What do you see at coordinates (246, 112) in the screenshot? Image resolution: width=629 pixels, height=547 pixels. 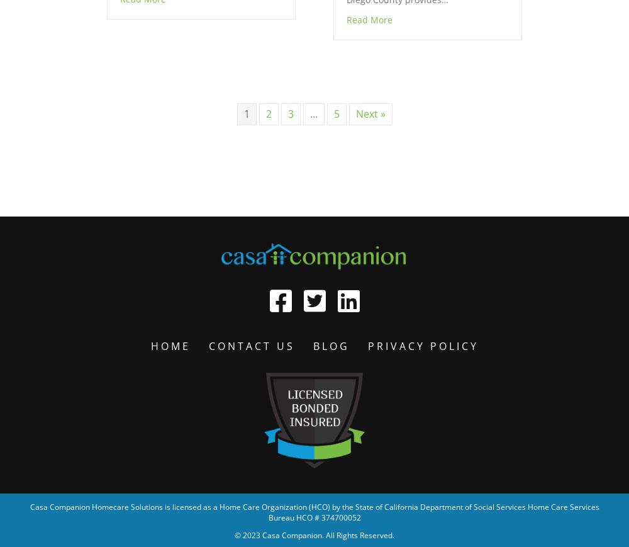 I see `'1'` at bounding box center [246, 112].